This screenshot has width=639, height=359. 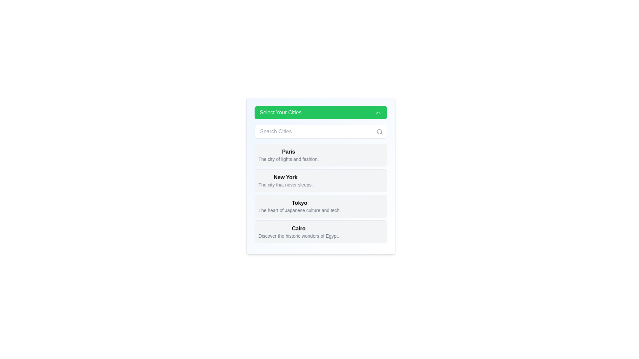 I want to click on descriptive text label about the city 'Paris', which is located directly below the bold title in the first item of a vertical list of cities, so click(x=289, y=159).